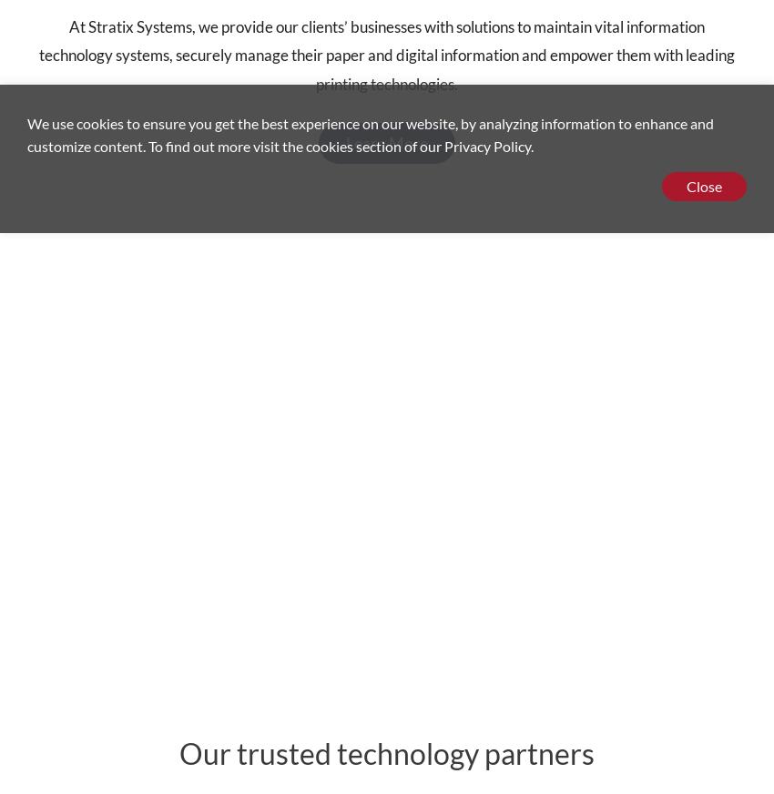 Image resolution: width=774 pixels, height=794 pixels. What do you see at coordinates (443, 146) in the screenshot?
I see `'Privacy Policy'` at bounding box center [443, 146].